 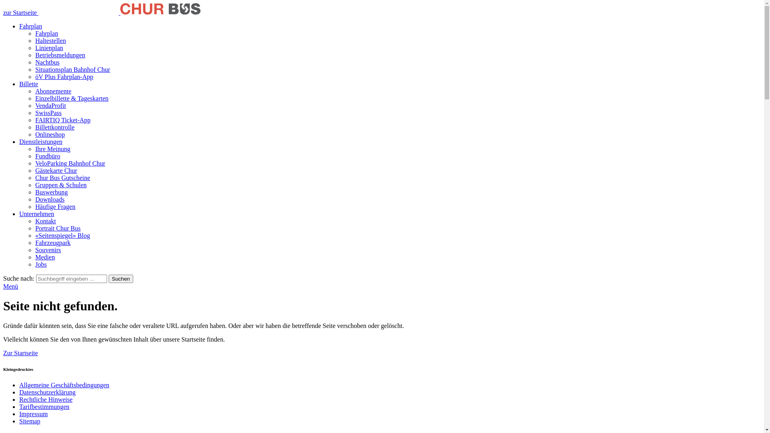 What do you see at coordinates (55, 127) in the screenshot?
I see `'Billettkontrolle'` at bounding box center [55, 127].